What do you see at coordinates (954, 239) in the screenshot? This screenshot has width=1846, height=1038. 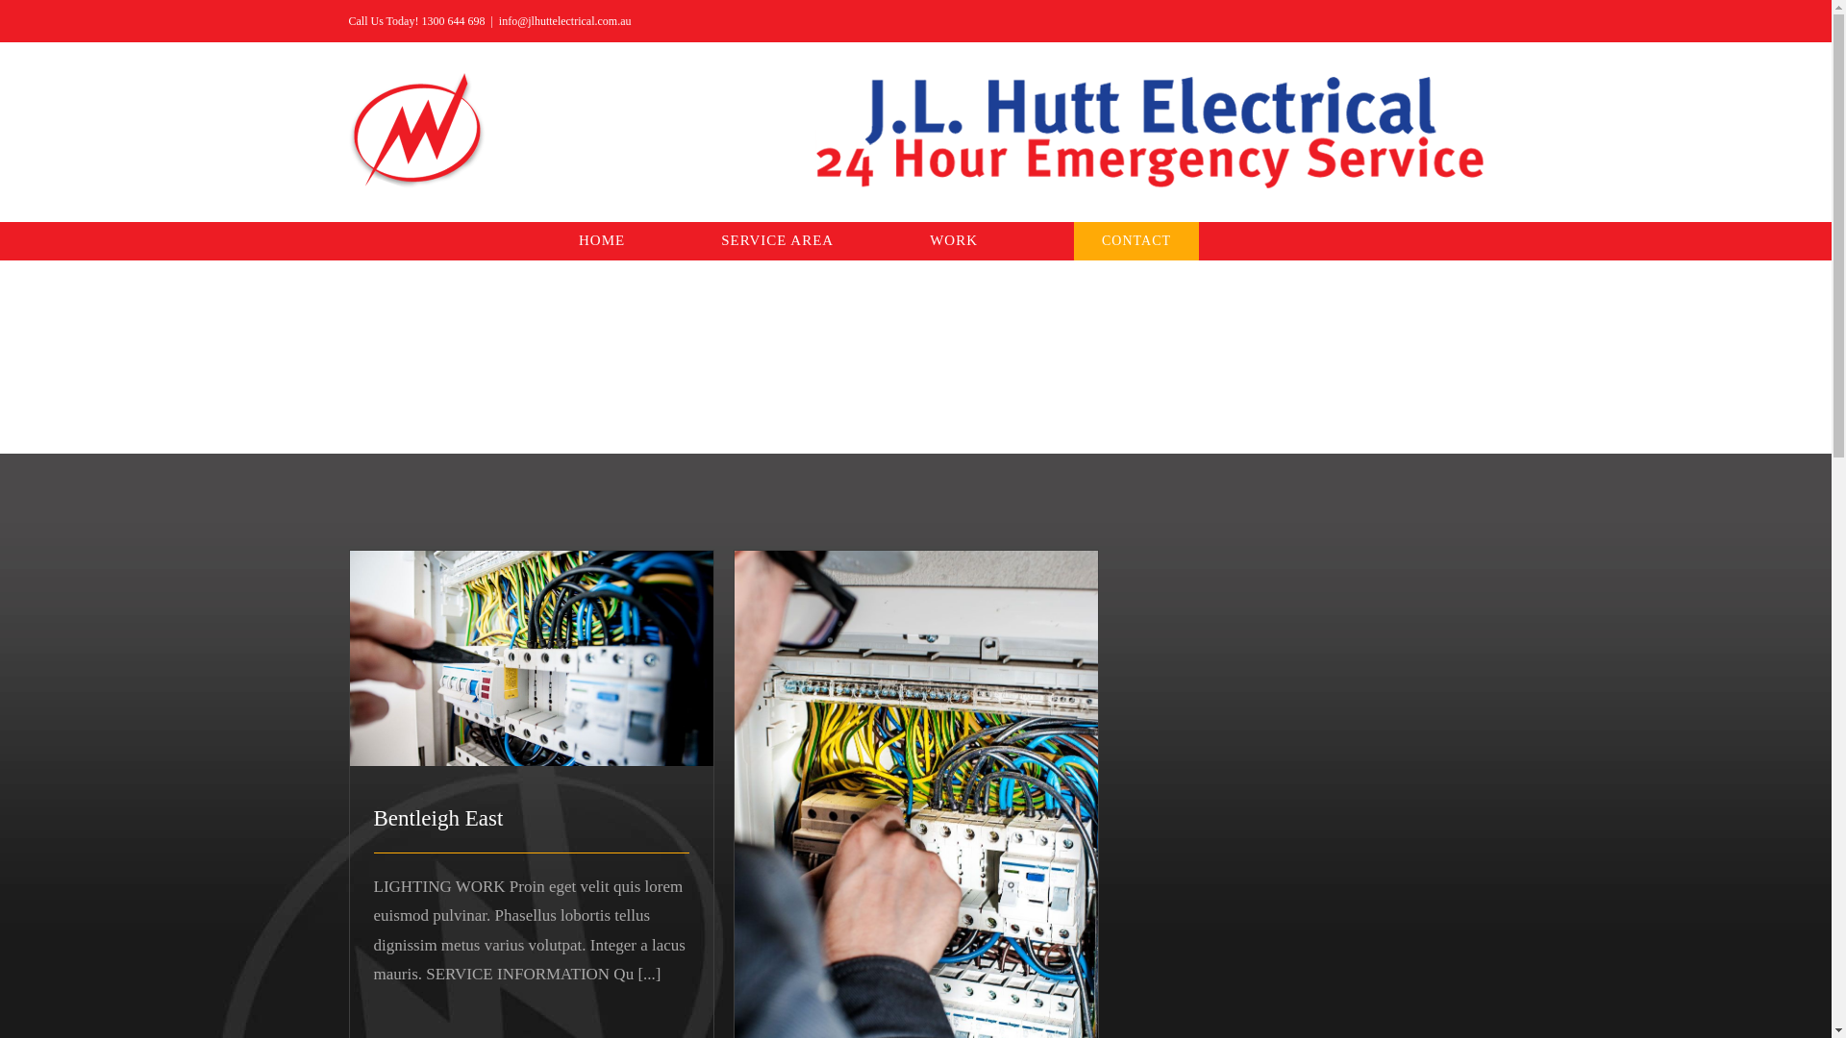 I see `'WORK'` at bounding box center [954, 239].